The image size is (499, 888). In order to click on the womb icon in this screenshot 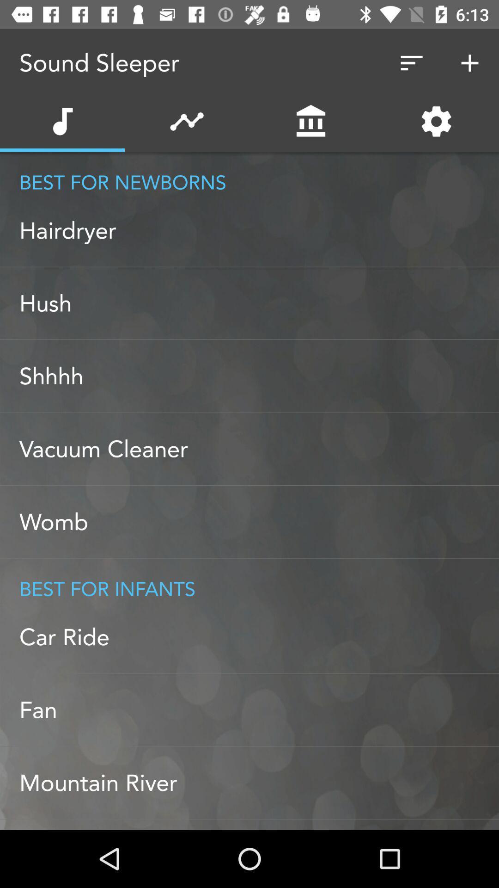, I will do `click(259, 522)`.